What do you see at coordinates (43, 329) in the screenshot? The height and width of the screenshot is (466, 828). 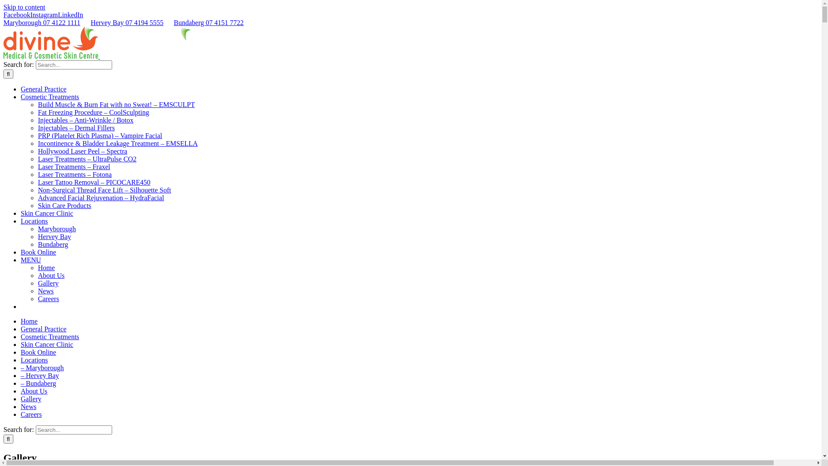 I see `'General Practice'` at bounding box center [43, 329].